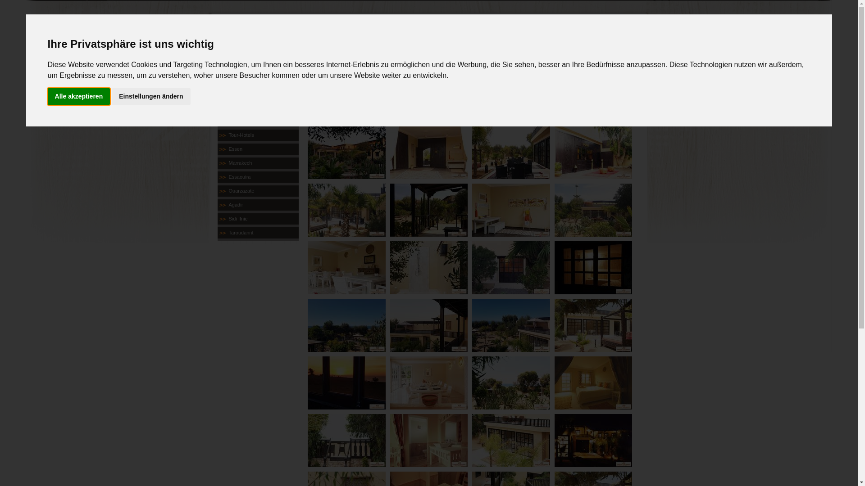 The height and width of the screenshot is (486, 865). What do you see at coordinates (257, 163) in the screenshot?
I see `'Marrakech'` at bounding box center [257, 163].